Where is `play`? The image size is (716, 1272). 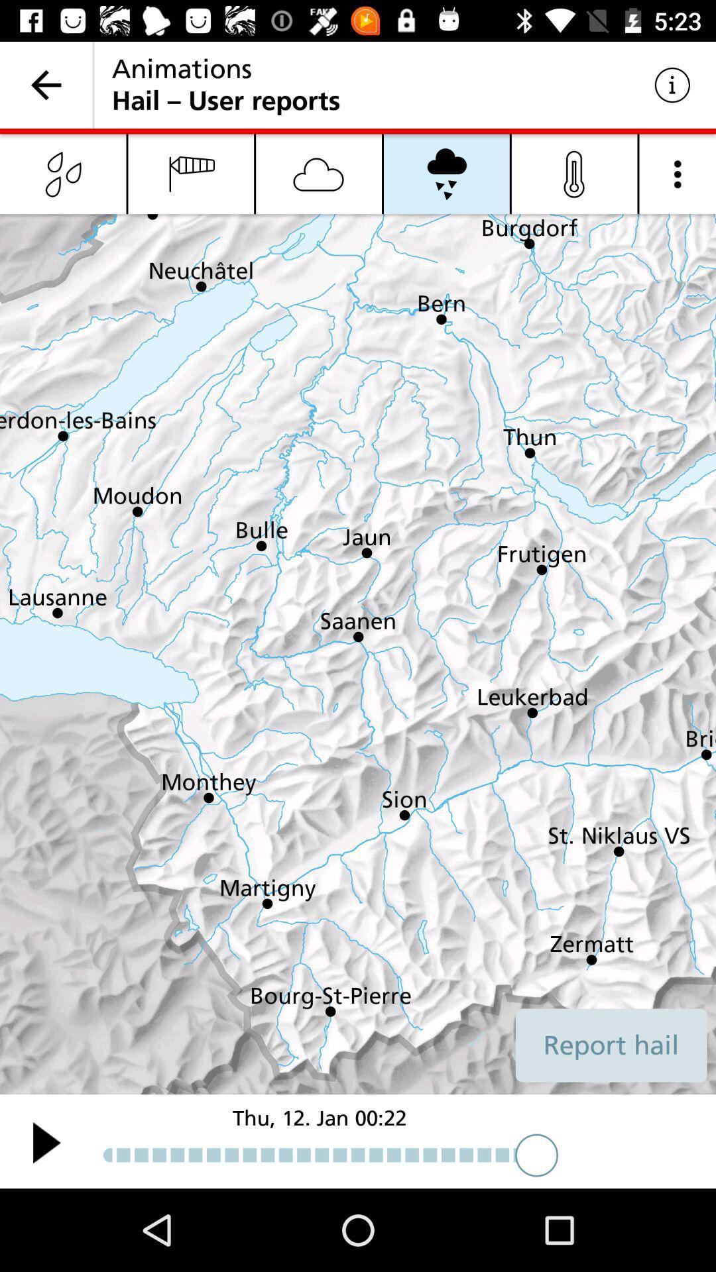
play is located at coordinates (46, 1141).